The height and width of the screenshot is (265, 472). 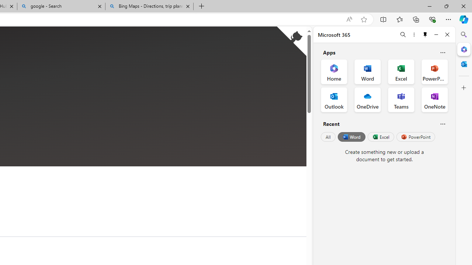 What do you see at coordinates (434, 72) in the screenshot?
I see `'PowerPoint Office App'` at bounding box center [434, 72].